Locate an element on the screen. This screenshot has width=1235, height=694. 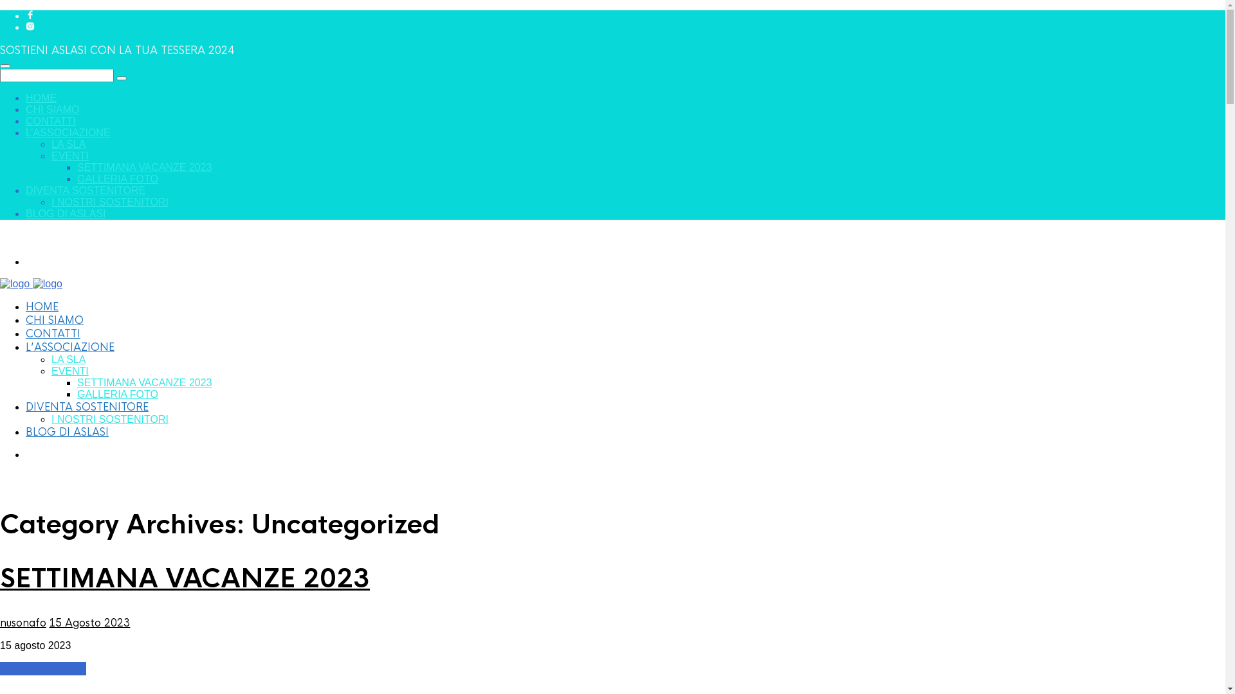
'I NOSTRI SOSTENITORI' is located at coordinates (110, 419).